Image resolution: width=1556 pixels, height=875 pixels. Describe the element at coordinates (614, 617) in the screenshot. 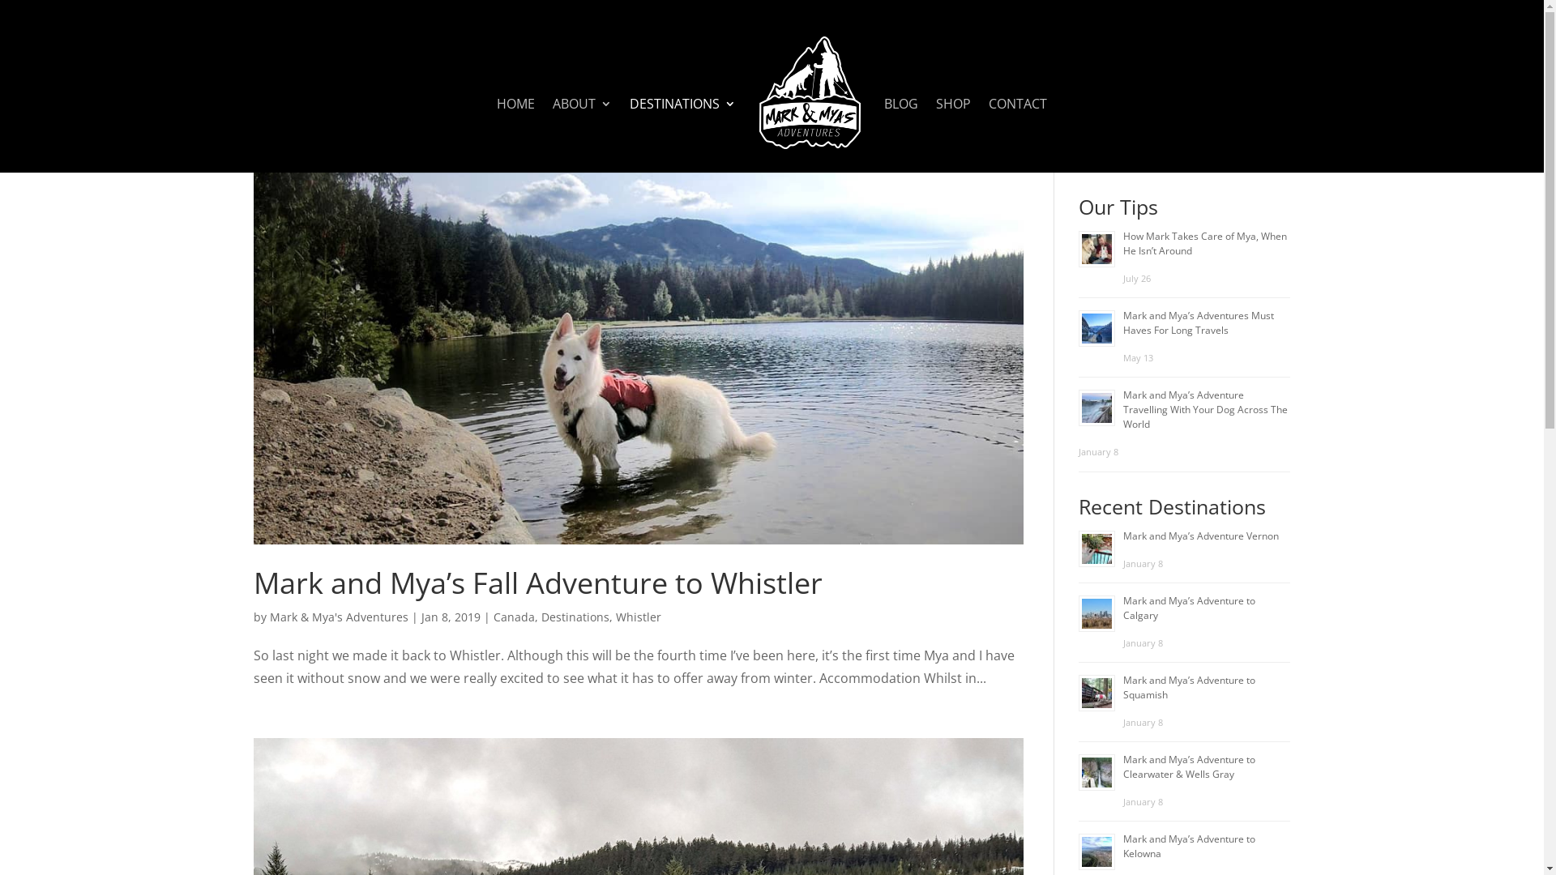

I see `'Whistler'` at that location.